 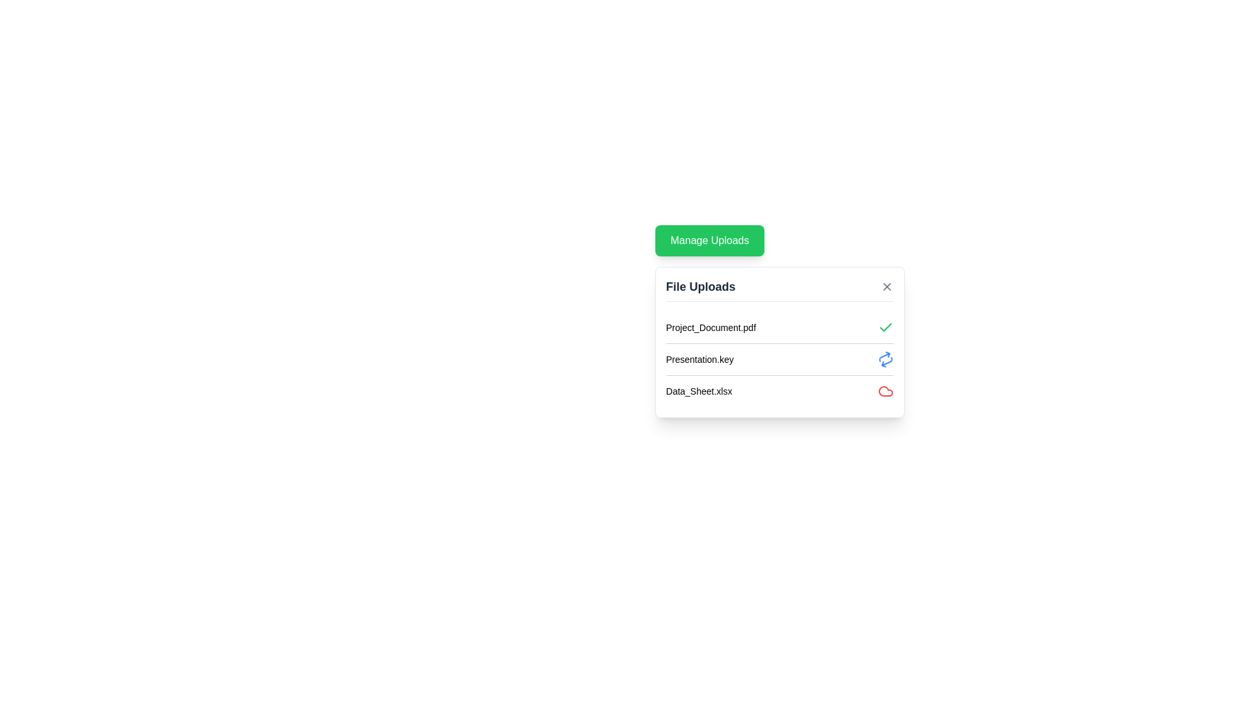 What do you see at coordinates (886, 286) in the screenshot?
I see `the delete or close button located at the far-right edge of the 'File Uploads' card header` at bounding box center [886, 286].